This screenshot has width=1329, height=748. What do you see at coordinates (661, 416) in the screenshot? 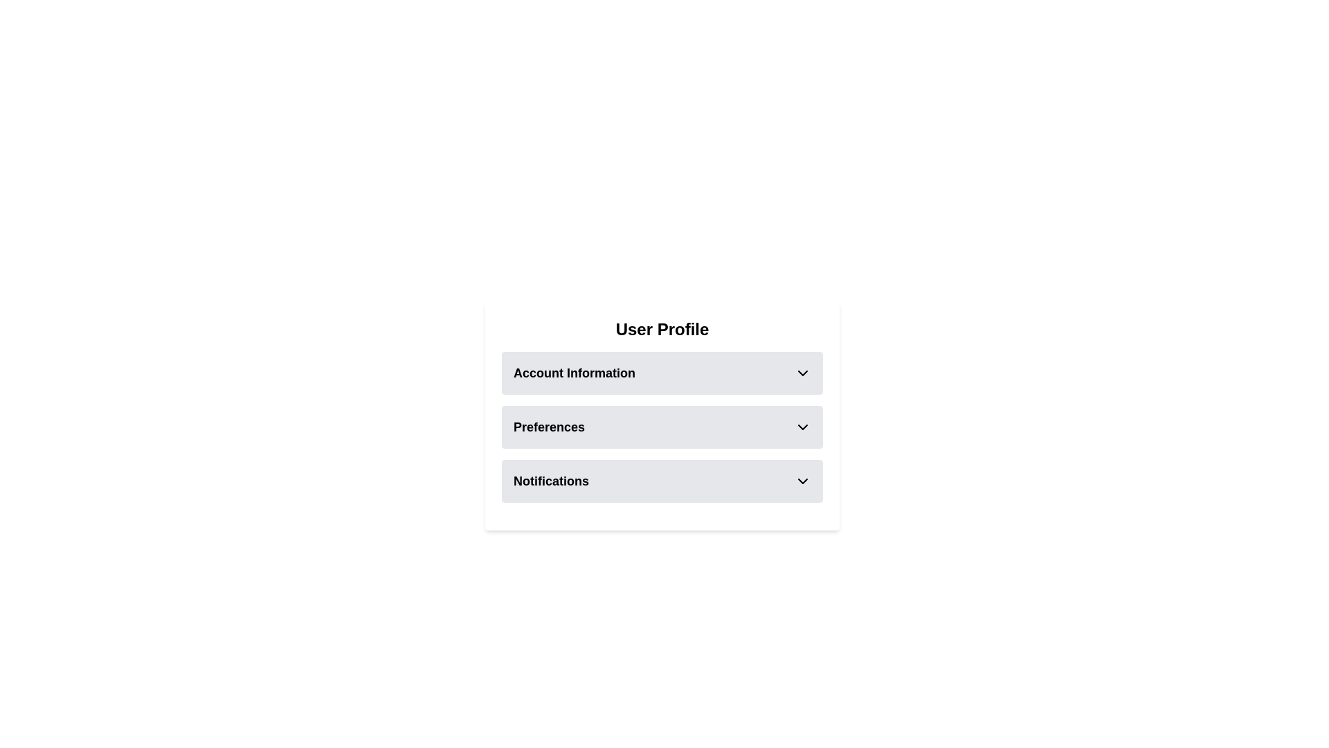
I see `the second button in the vertically stacked list of three buttons within the 'User Profile' section` at bounding box center [661, 416].